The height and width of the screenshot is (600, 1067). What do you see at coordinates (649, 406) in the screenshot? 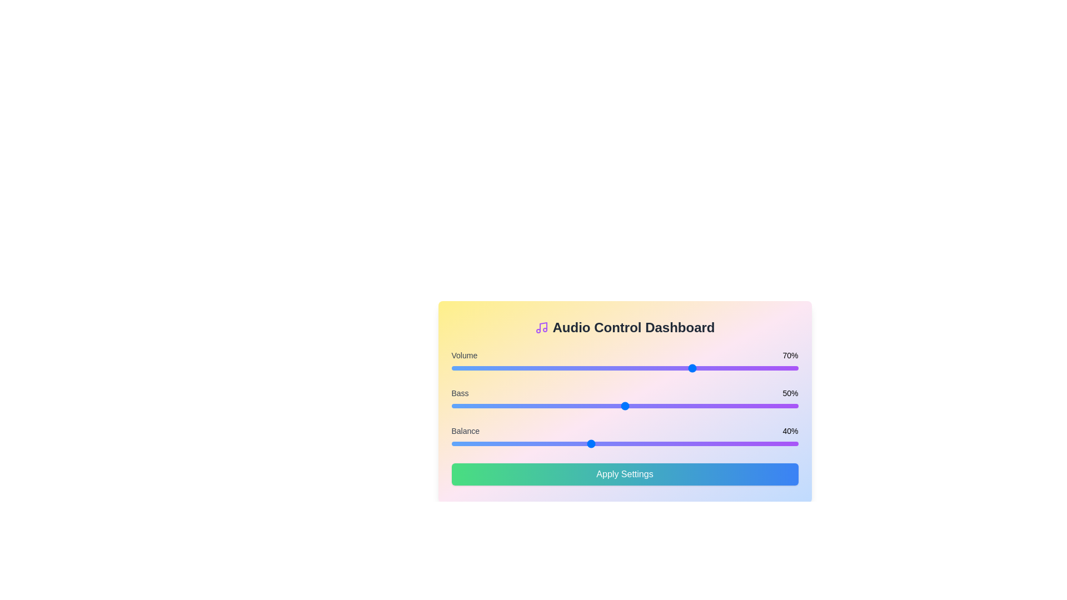
I see `bass level` at bounding box center [649, 406].